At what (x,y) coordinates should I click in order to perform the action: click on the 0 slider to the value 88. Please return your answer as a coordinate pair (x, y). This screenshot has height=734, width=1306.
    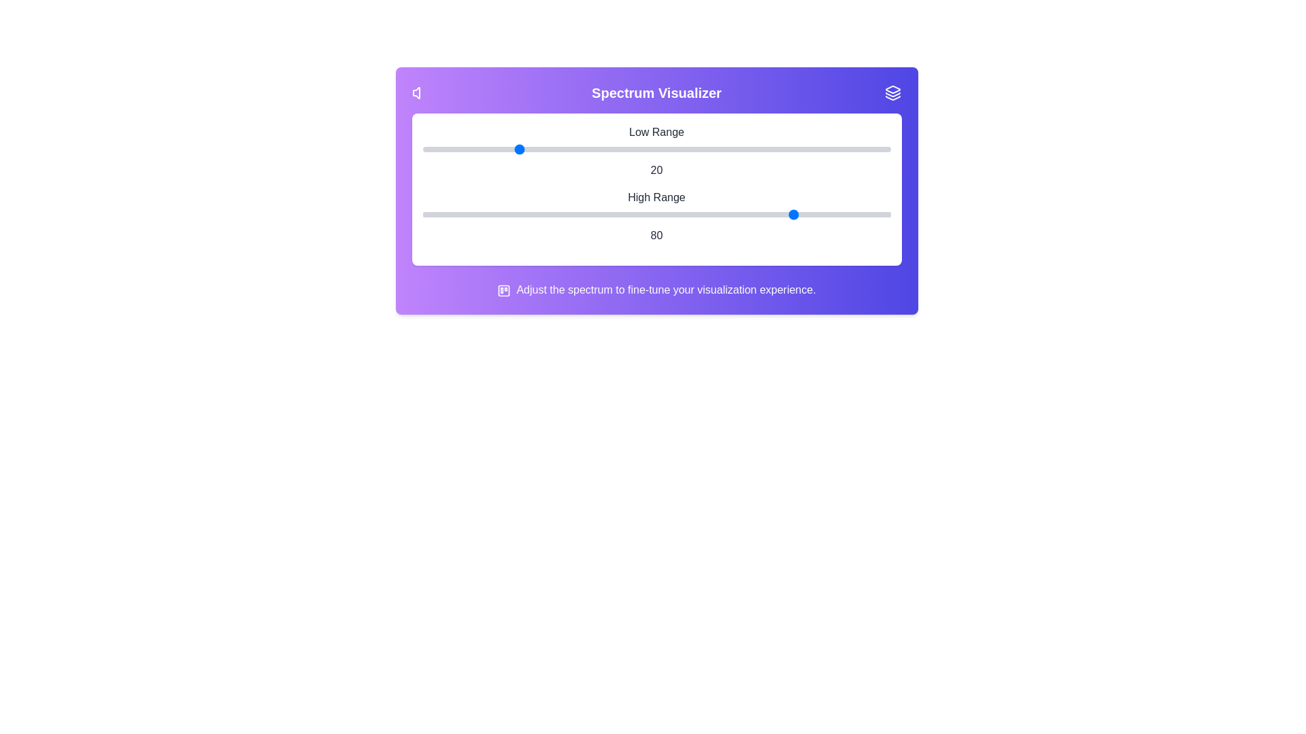
    Looking at the image, I should click on (833, 149).